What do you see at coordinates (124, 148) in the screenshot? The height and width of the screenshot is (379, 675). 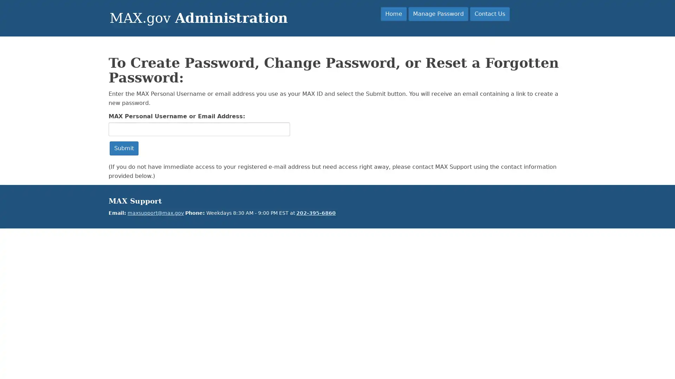 I see `Submit` at bounding box center [124, 148].